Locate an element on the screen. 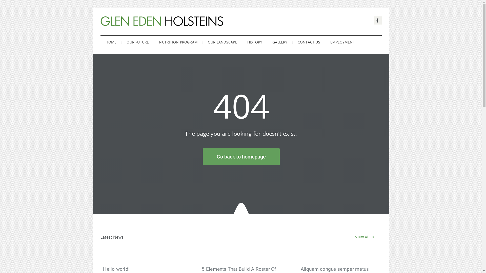 The height and width of the screenshot is (273, 486). 'Go back to homepage' is located at coordinates (240, 156).